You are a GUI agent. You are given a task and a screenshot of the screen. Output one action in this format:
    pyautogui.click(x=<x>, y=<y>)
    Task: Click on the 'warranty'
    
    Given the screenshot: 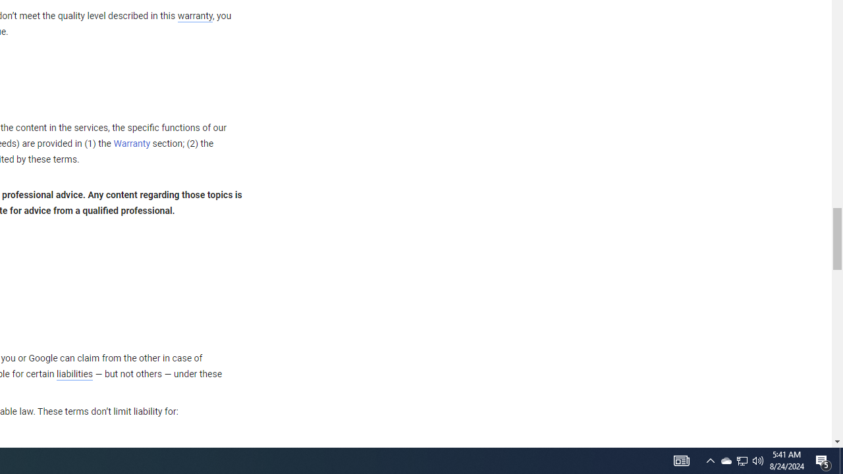 What is the action you would take?
    pyautogui.click(x=194, y=16)
    